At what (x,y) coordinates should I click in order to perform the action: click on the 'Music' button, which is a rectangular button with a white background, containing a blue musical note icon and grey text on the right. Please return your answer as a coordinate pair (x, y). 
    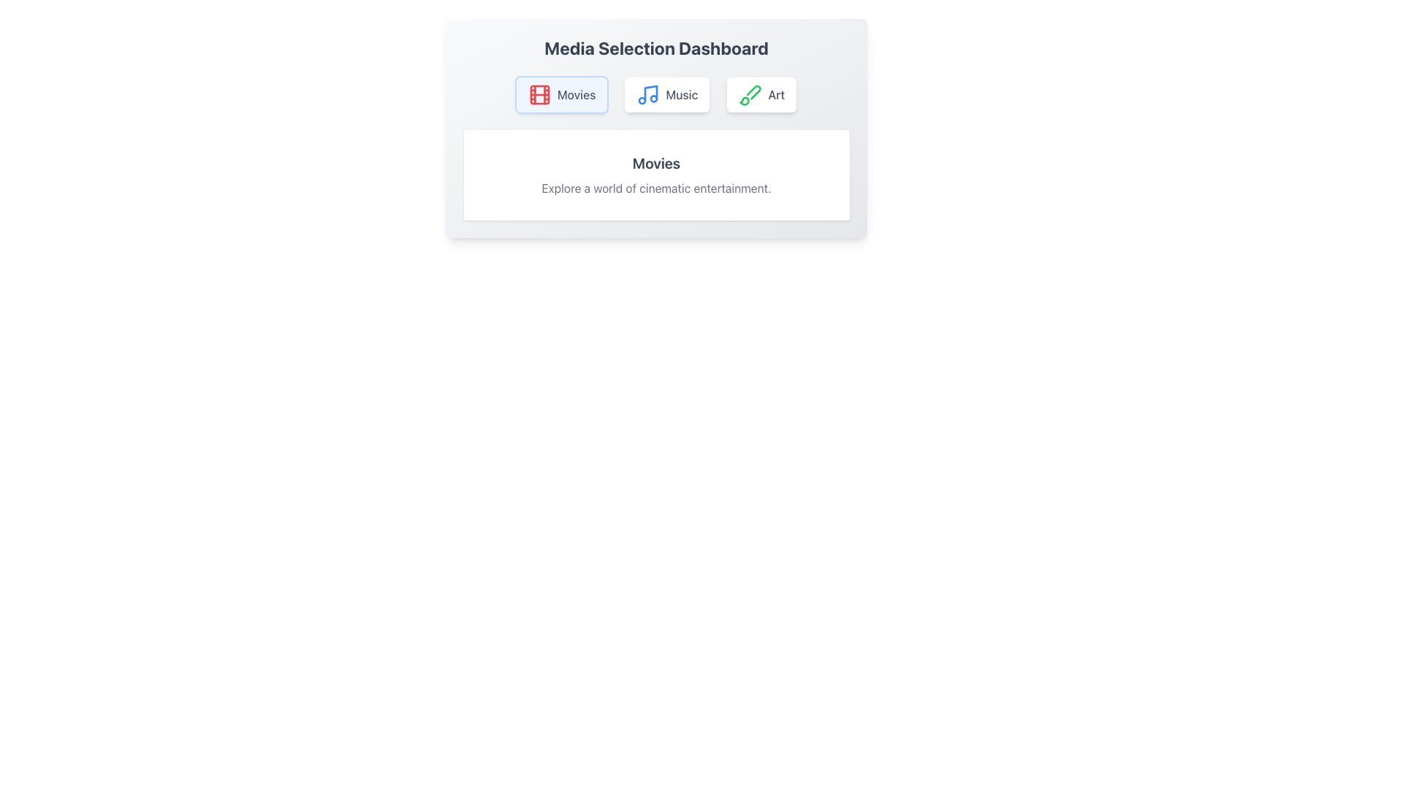
    Looking at the image, I should click on (666, 95).